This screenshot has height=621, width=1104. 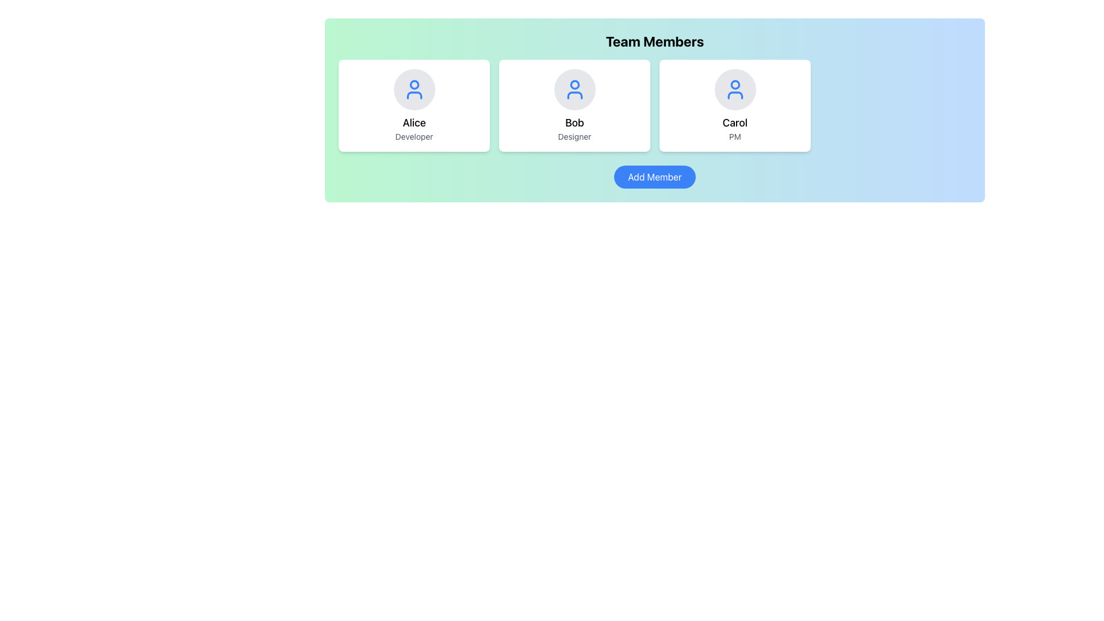 What do you see at coordinates (574, 89) in the screenshot?
I see `the blue circular user icon representing 'Bob', which is the central icon in a horizontal layout of three team member icons` at bounding box center [574, 89].